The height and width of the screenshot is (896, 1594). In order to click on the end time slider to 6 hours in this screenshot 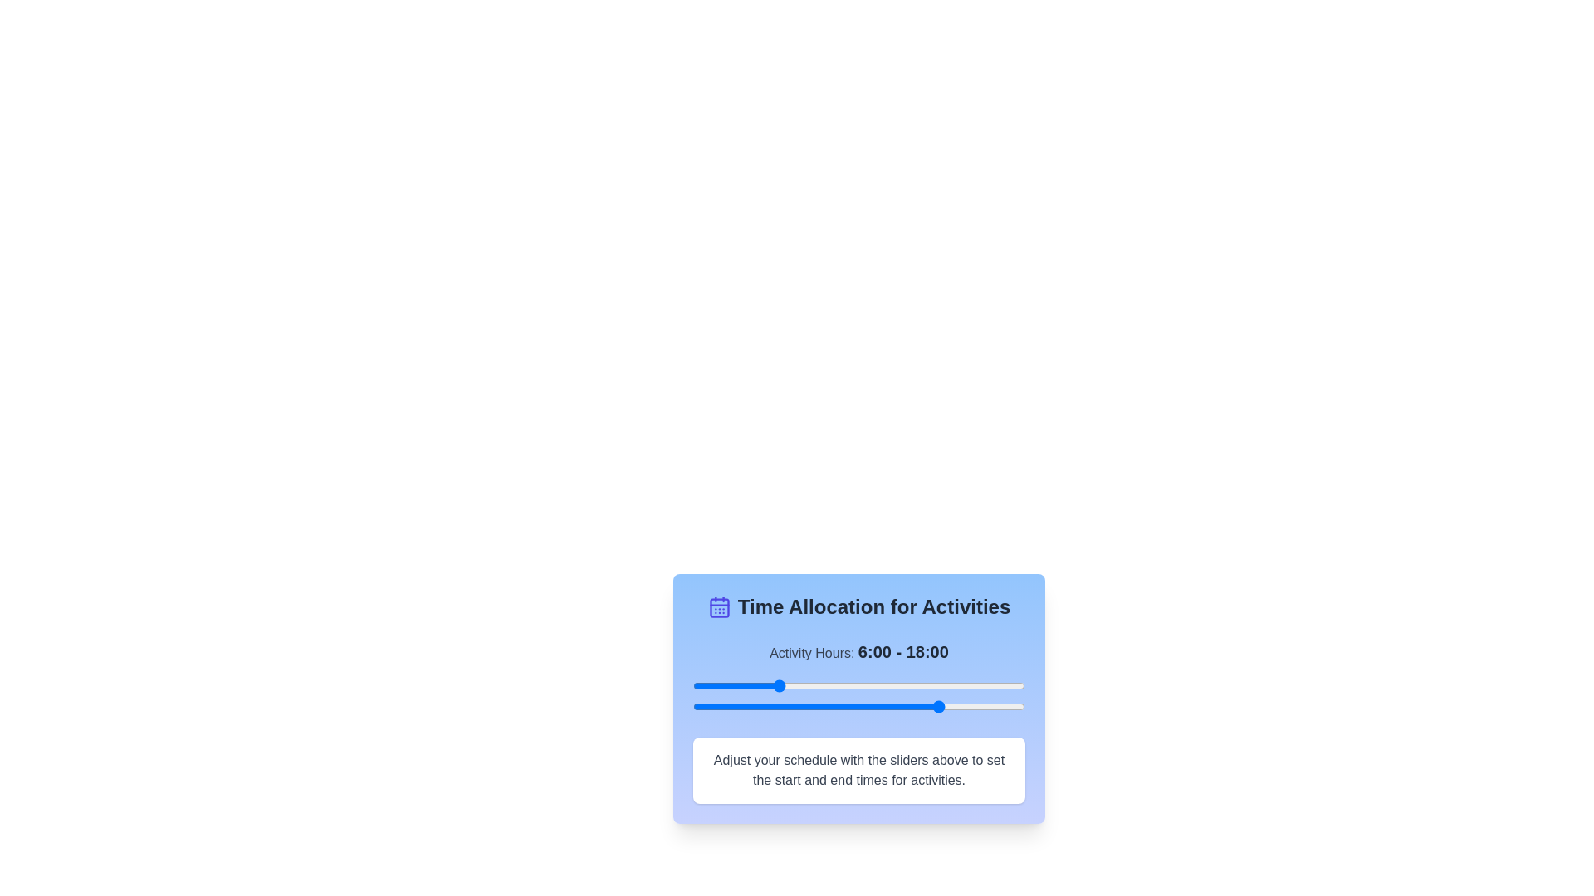, I will do `click(775, 707)`.